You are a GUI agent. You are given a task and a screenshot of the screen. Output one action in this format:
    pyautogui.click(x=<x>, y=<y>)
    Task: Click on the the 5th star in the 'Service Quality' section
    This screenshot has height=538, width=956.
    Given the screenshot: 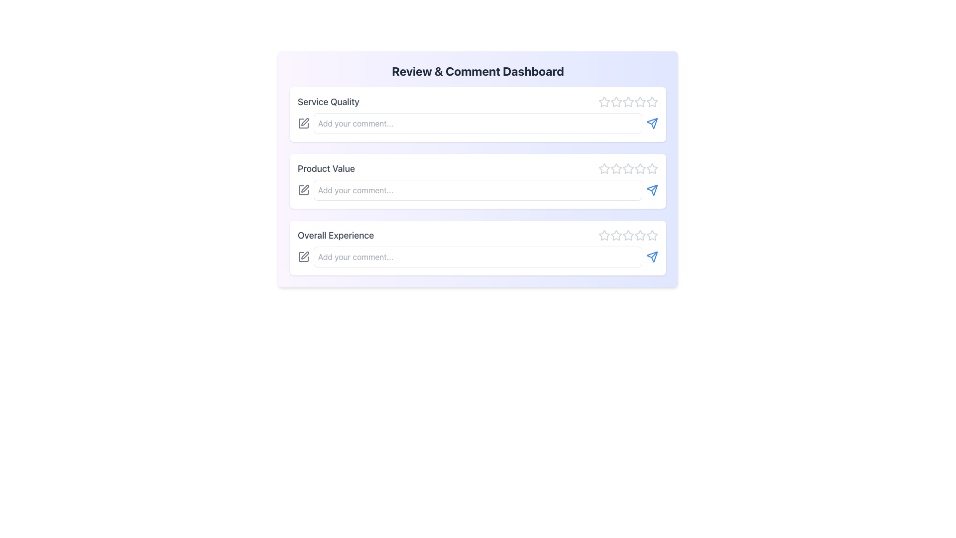 What is the action you would take?
    pyautogui.click(x=652, y=102)
    